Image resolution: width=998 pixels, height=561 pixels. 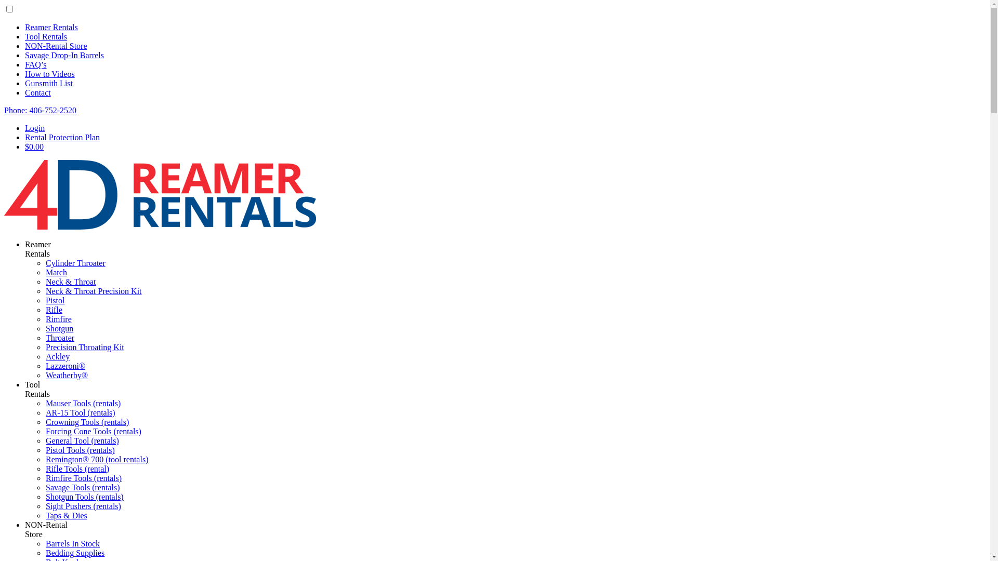 What do you see at coordinates (94, 431) in the screenshot?
I see `'Forcing Cone Tools (rentals)'` at bounding box center [94, 431].